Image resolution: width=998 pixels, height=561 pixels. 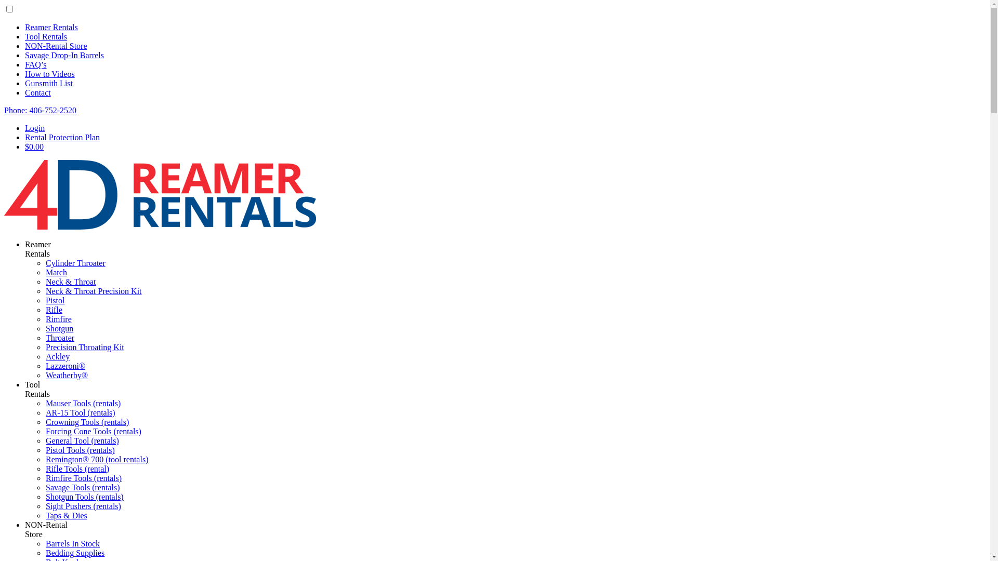 What do you see at coordinates (94, 431) in the screenshot?
I see `'Forcing Cone Tools (rentals)'` at bounding box center [94, 431].